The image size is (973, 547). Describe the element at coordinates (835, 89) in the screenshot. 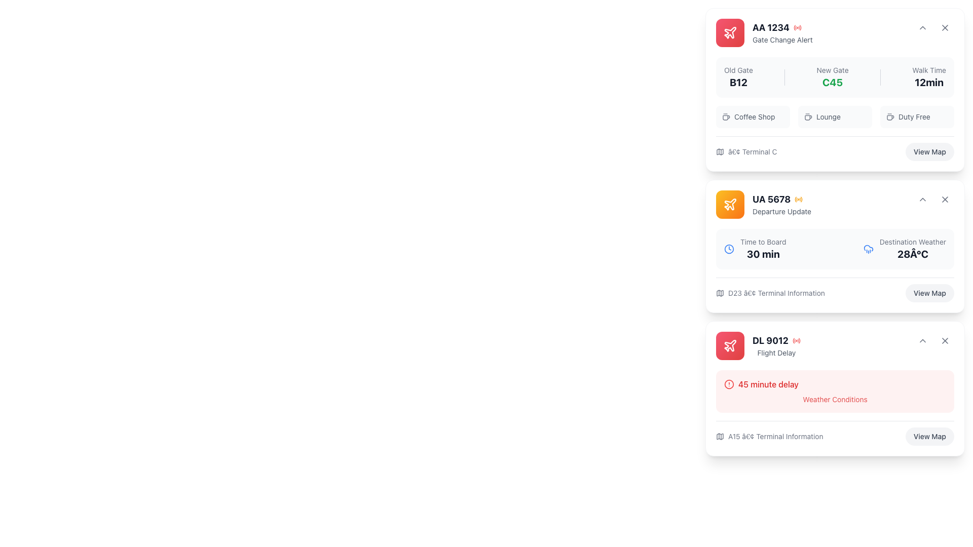

I see `the 'New Gate' label displaying 'C45' styled in bold green text` at that location.